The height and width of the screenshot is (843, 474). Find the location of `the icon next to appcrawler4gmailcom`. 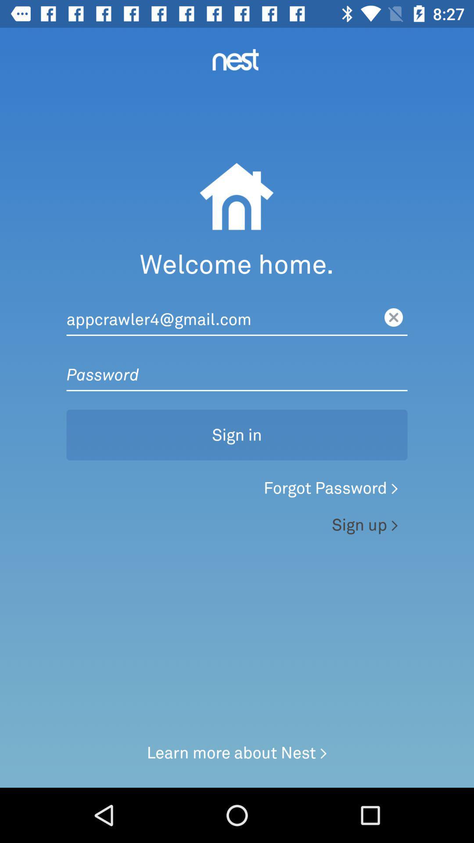

the icon next to appcrawler4gmailcom is located at coordinates (393, 317).